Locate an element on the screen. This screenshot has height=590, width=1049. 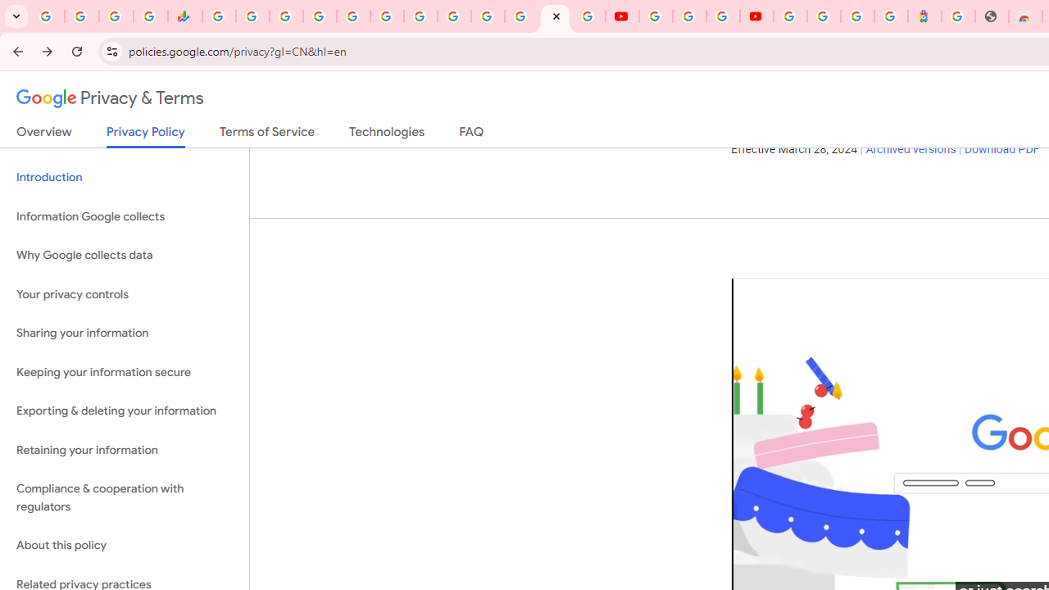
'Sign in - Google Accounts' is located at coordinates (824, 16).